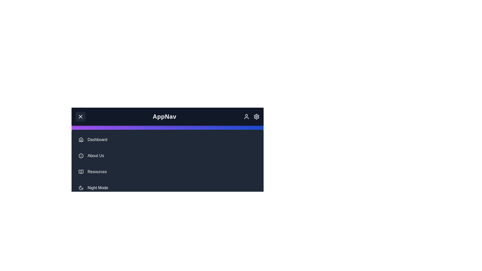 Image resolution: width=482 pixels, height=271 pixels. I want to click on the navigation item Resources to navigate to the corresponding section, so click(167, 172).